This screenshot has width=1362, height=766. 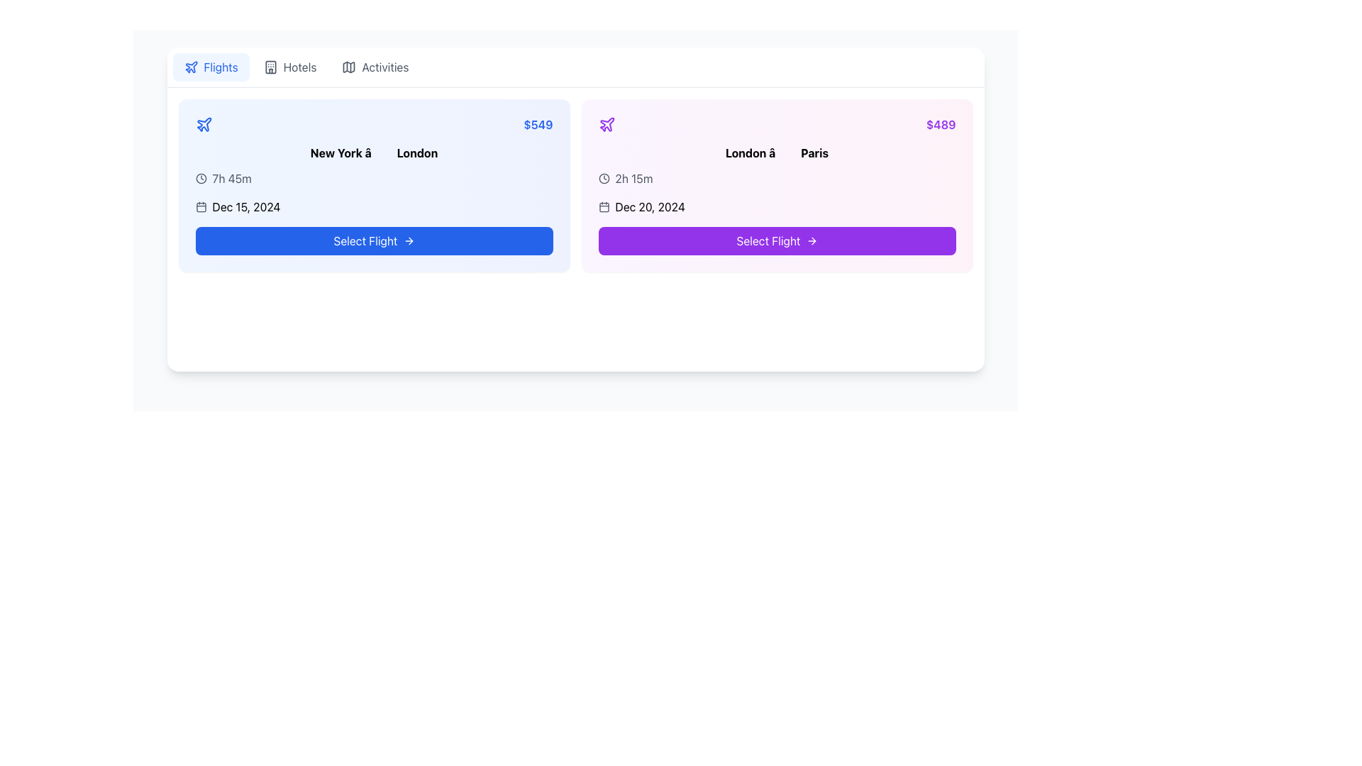 What do you see at coordinates (633, 177) in the screenshot?
I see `the Text label indicating the duration of a flight, located in the upper-left segment of the flight card on the right-hand side of the layout, next to a clock icon` at bounding box center [633, 177].